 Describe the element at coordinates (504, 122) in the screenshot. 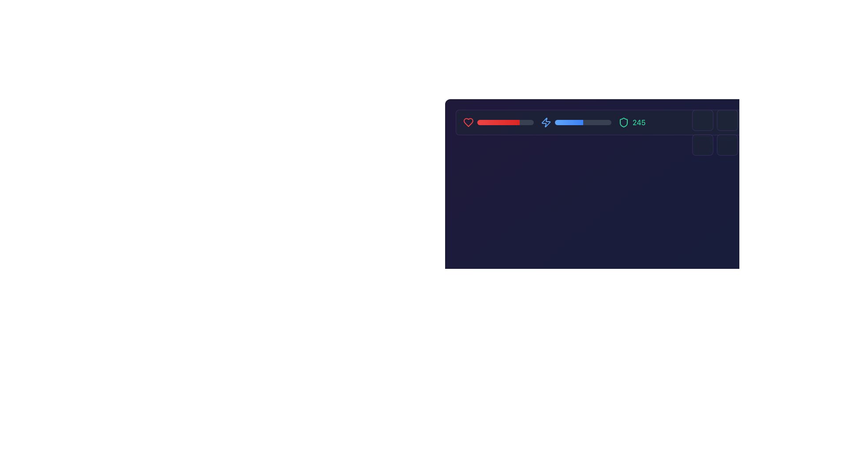

I see `the health bar value` at that location.